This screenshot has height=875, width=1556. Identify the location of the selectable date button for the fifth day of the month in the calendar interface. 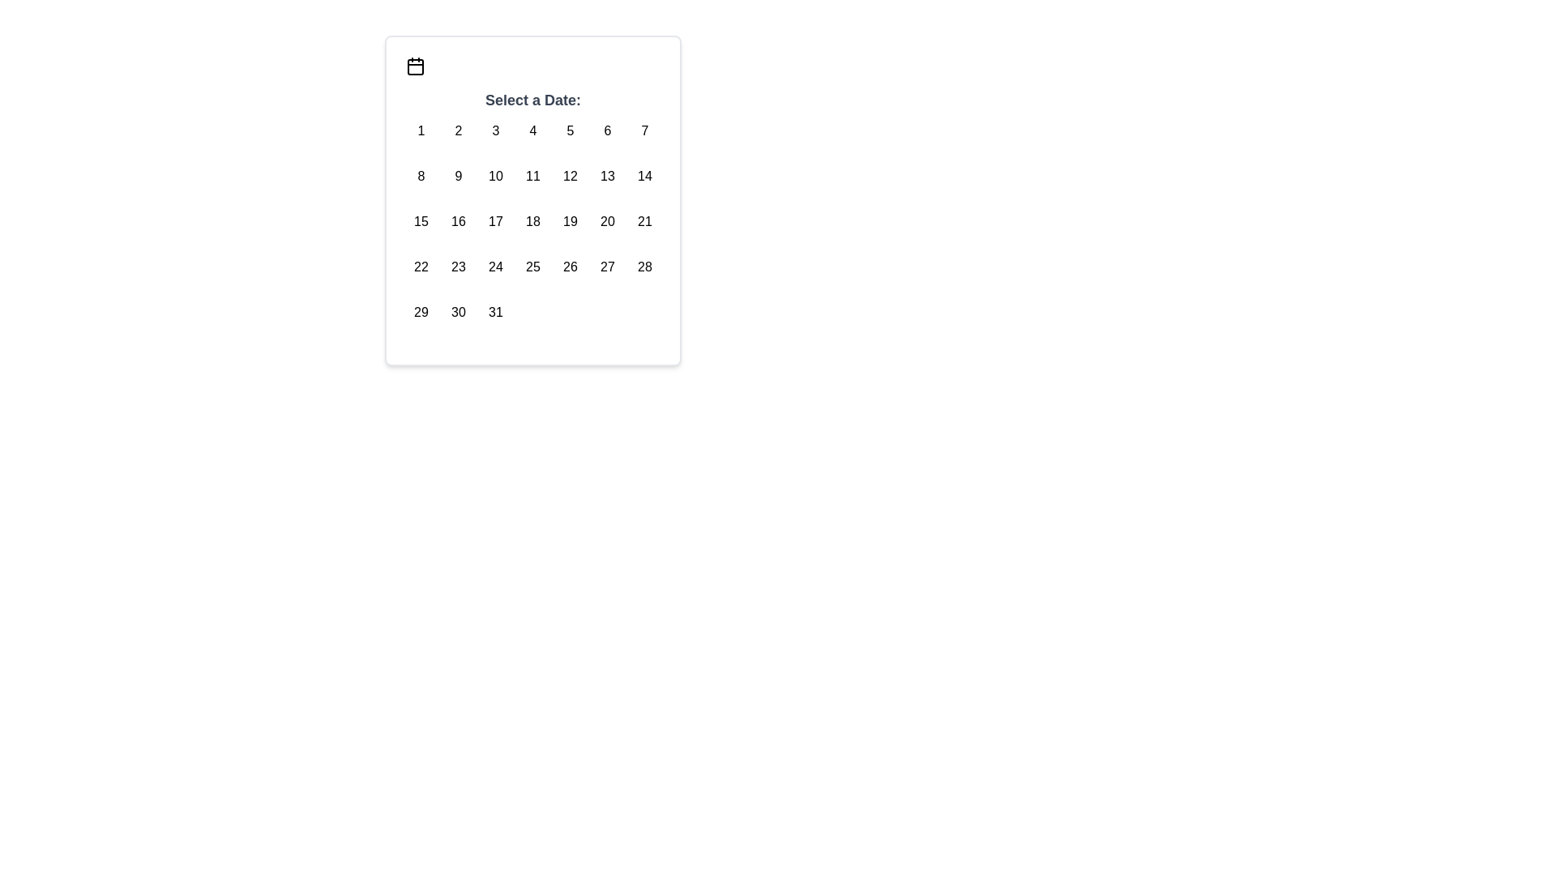
(571, 130).